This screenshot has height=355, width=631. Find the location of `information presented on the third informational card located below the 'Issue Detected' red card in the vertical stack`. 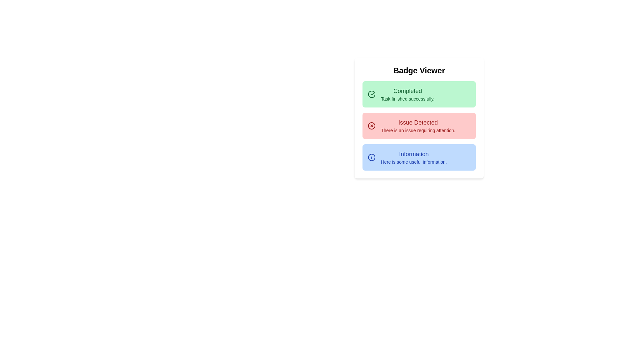

information presented on the third informational card located below the 'Issue Detected' red card in the vertical stack is located at coordinates (419, 157).